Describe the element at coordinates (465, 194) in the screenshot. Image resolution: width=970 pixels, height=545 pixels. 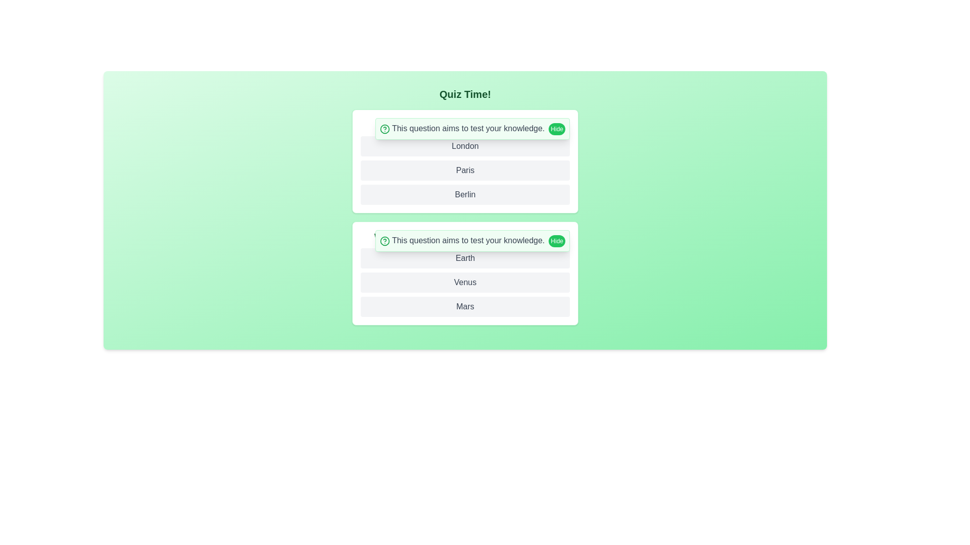
I see `the 'Berlin' button, which is the last option in a vertical list` at that location.